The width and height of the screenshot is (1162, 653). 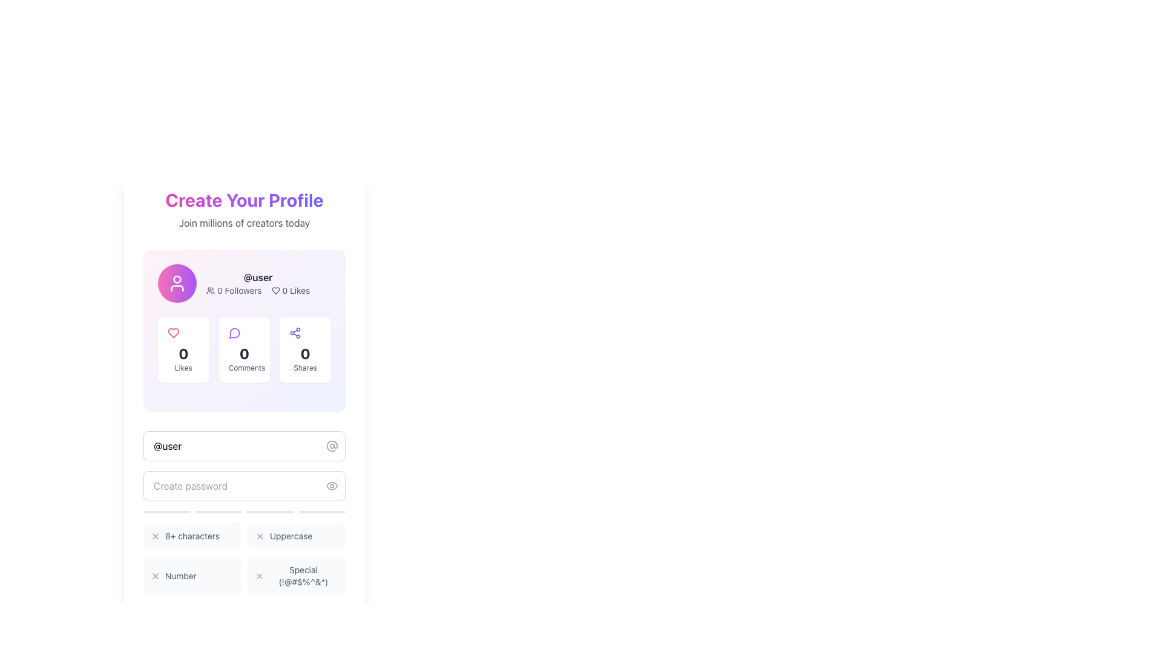 What do you see at coordinates (332, 485) in the screenshot?
I see `the Eye Icon located to the right side of the password input field to observe a color change` at bounding box center [332, 485].